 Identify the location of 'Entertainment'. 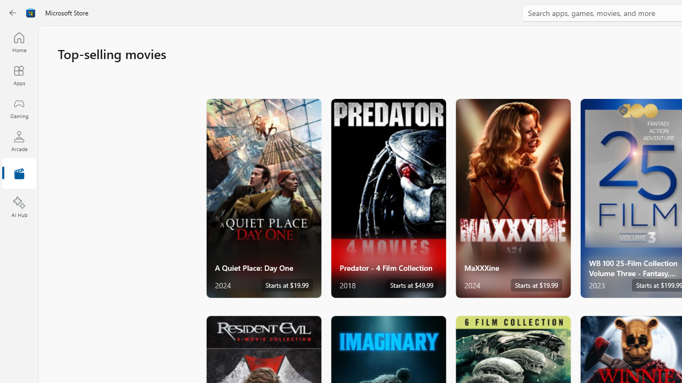
(19, 173).